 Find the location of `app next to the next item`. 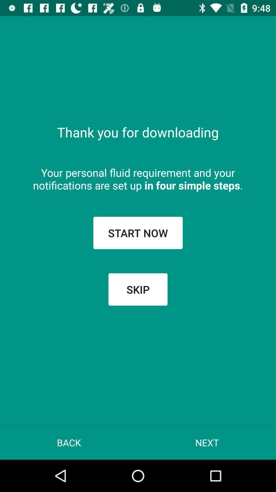

app next to the next item is located at coordinates (69, 442).